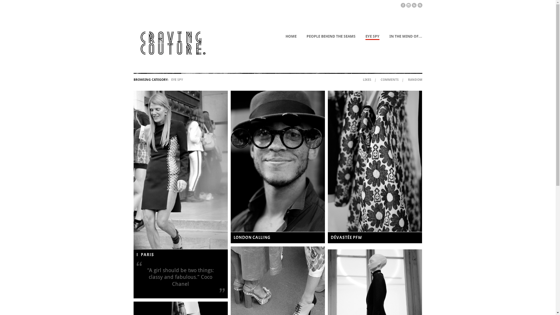  What do you see at coordinates (330, 36) in the screenshot?
I see `'PEOPLE BEHIND THE SEAMS'` at bounding box center [330, 36].